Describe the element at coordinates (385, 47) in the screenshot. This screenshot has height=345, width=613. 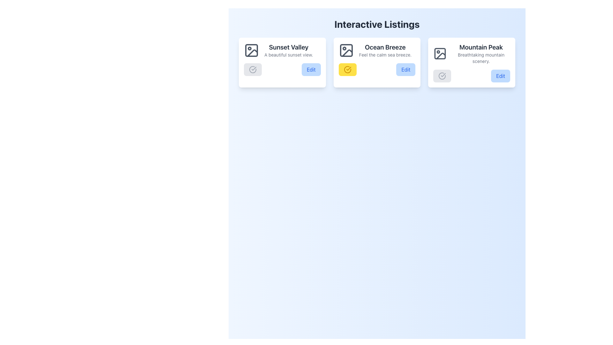
I see `the title text of the second card labeled 'Ocean Breeze' in the listing, which provides a description of the listed item` at that location.